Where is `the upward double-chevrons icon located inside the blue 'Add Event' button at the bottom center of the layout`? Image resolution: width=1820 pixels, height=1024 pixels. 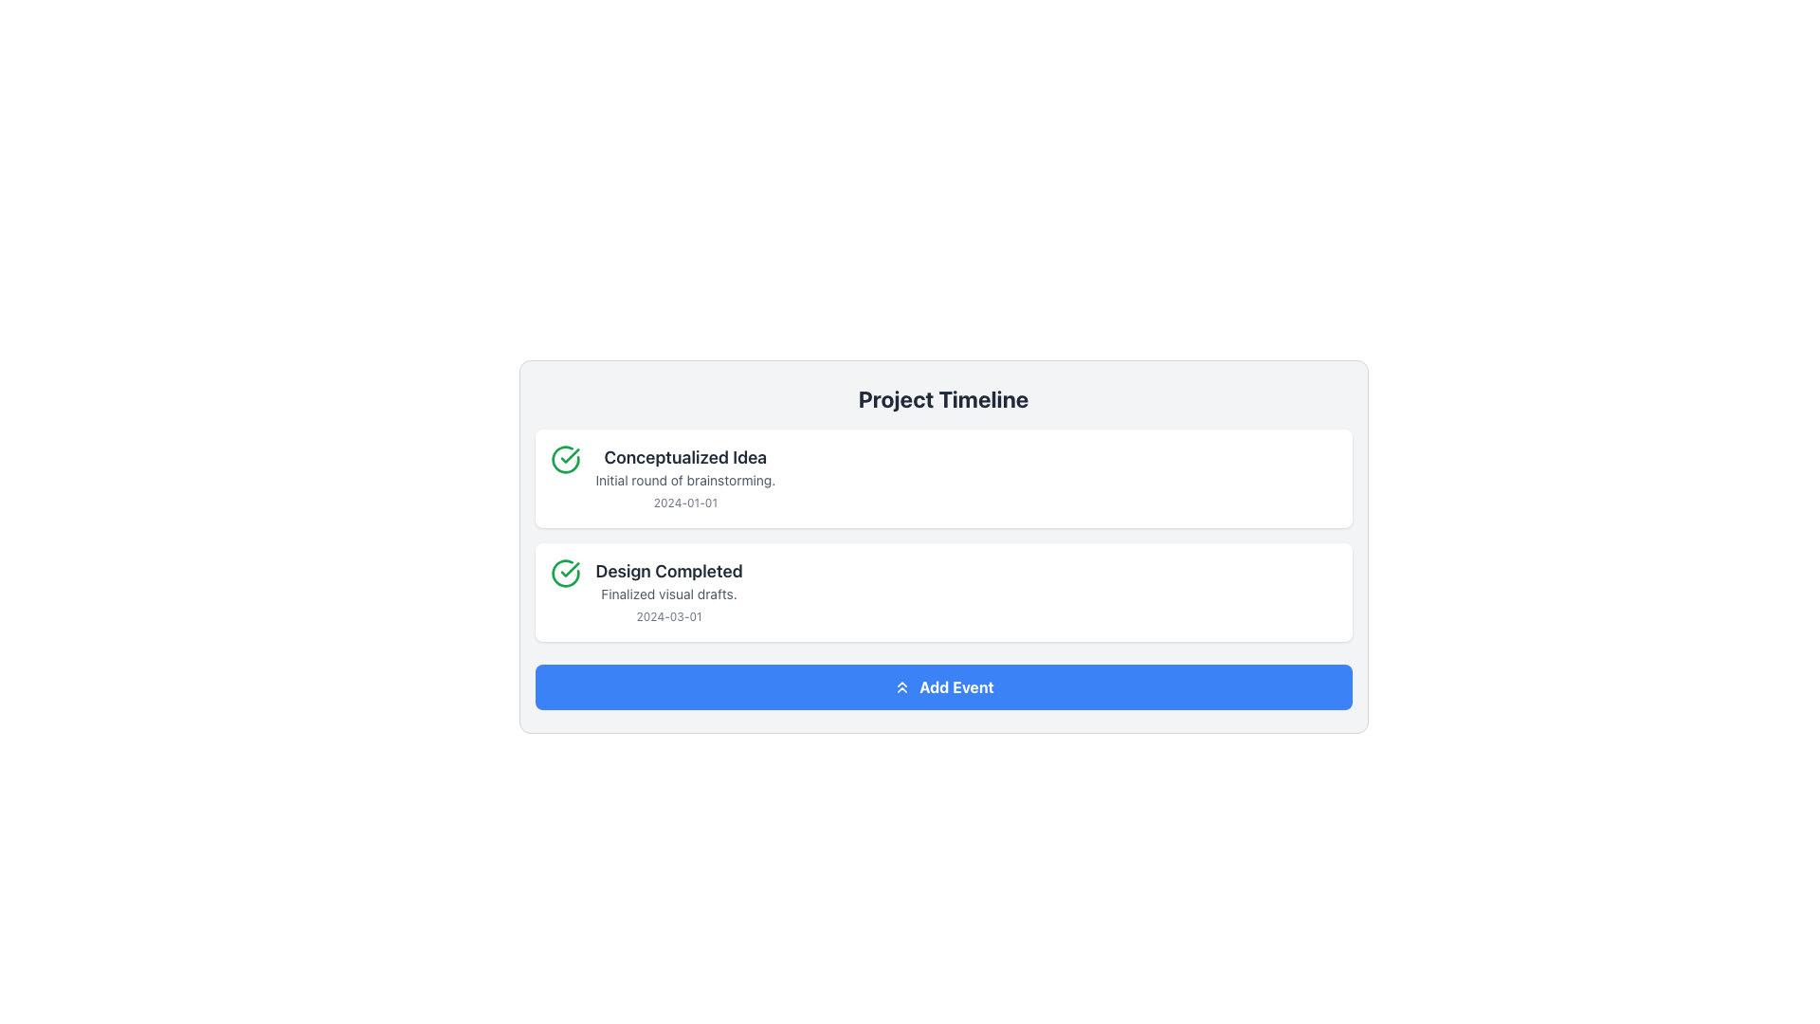 the upward double-chevrons icon located inside the blue 'Add Event' button at the bottom center of the layout is located at coordinates (901, 687).